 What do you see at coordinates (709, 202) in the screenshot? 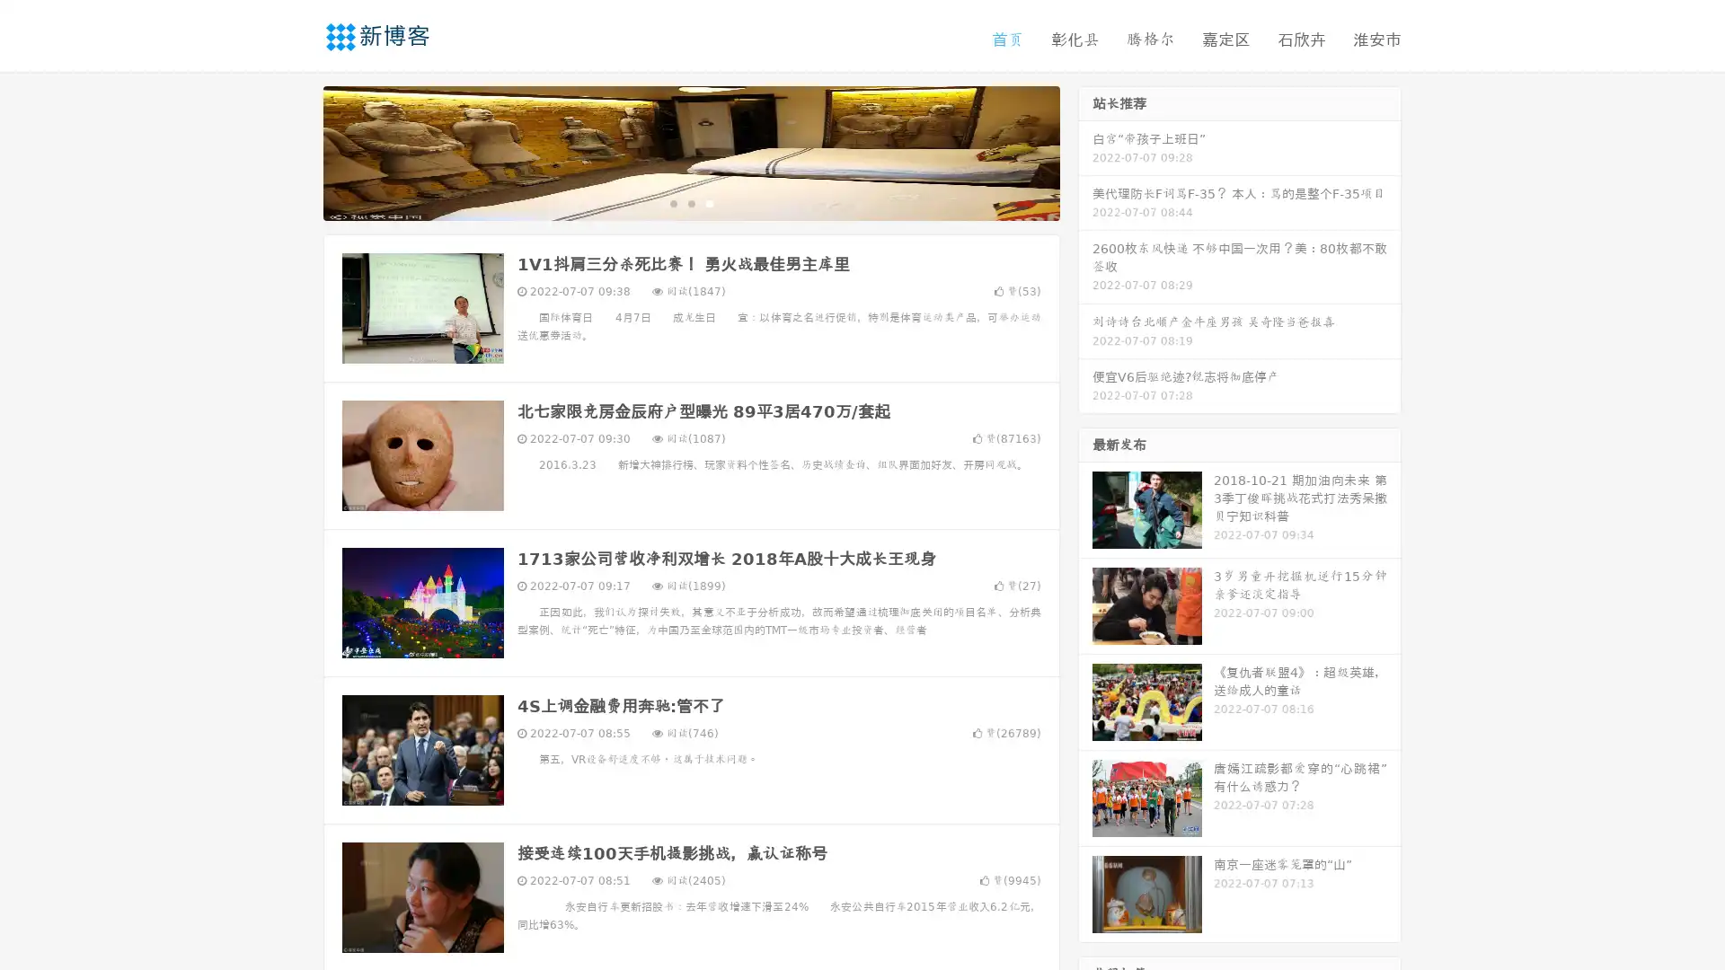
I see `Go to slide 3` at bounding box center [709, 202].